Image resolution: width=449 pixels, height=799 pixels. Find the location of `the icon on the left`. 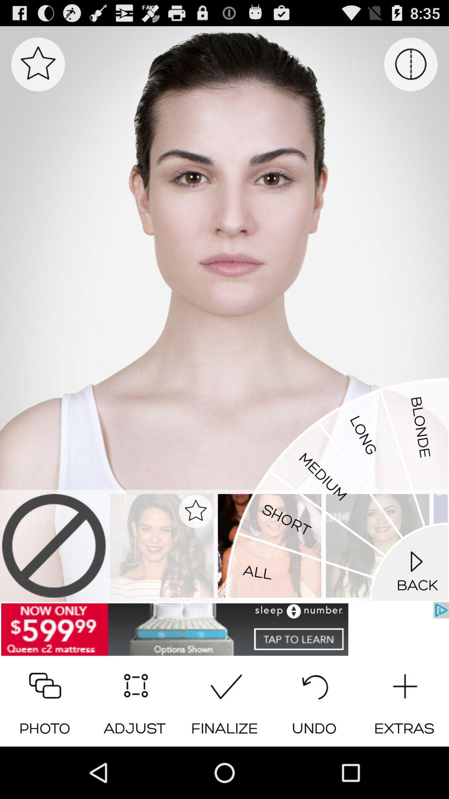

the icon on the left is located at coordinates (13, 386).